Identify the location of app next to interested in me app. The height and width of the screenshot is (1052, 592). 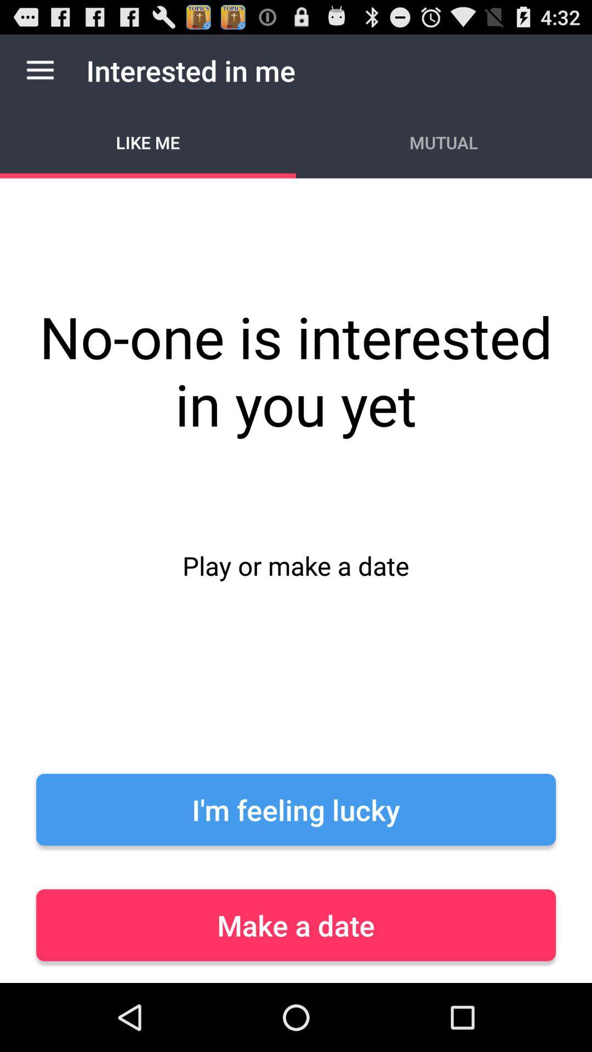
(39, 70).